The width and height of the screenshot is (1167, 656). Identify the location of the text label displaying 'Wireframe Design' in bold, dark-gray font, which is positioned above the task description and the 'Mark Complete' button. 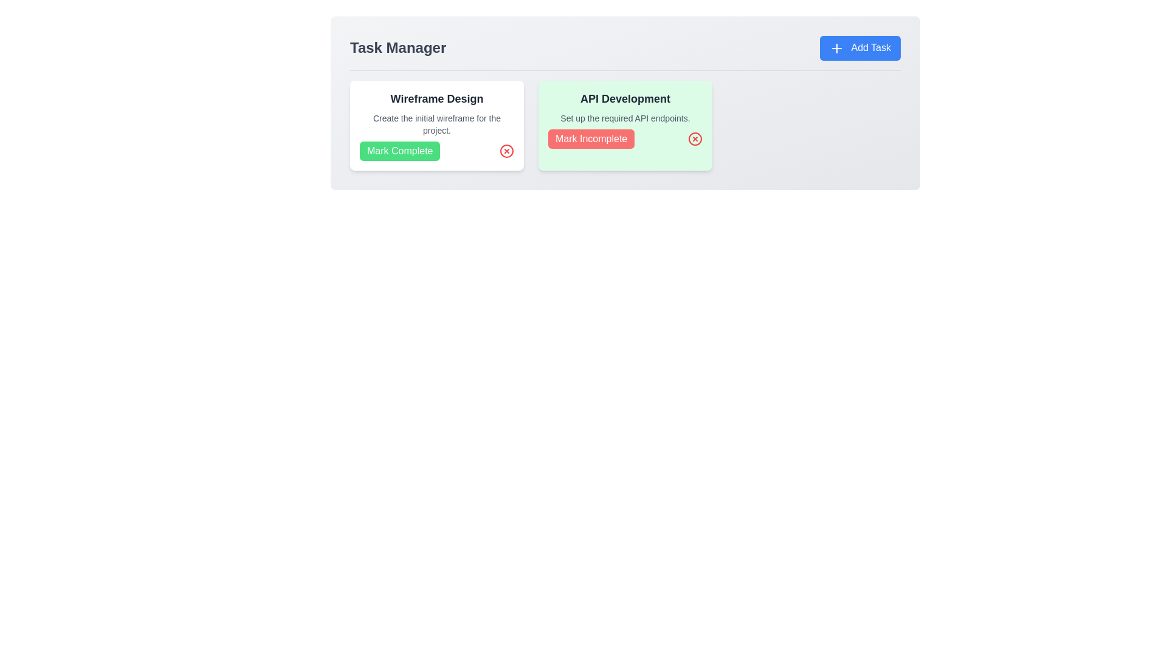
(437, 98).